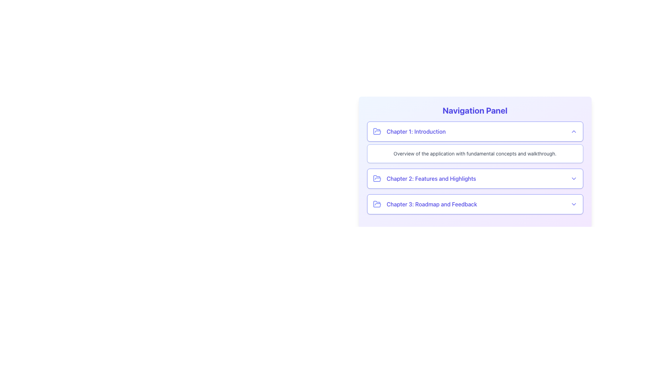  Describe the element at coordinates (475, 178) in the screenshot. I see `the 'Chapter 2: Features and Highlights' button in the navigation menu` at that location.